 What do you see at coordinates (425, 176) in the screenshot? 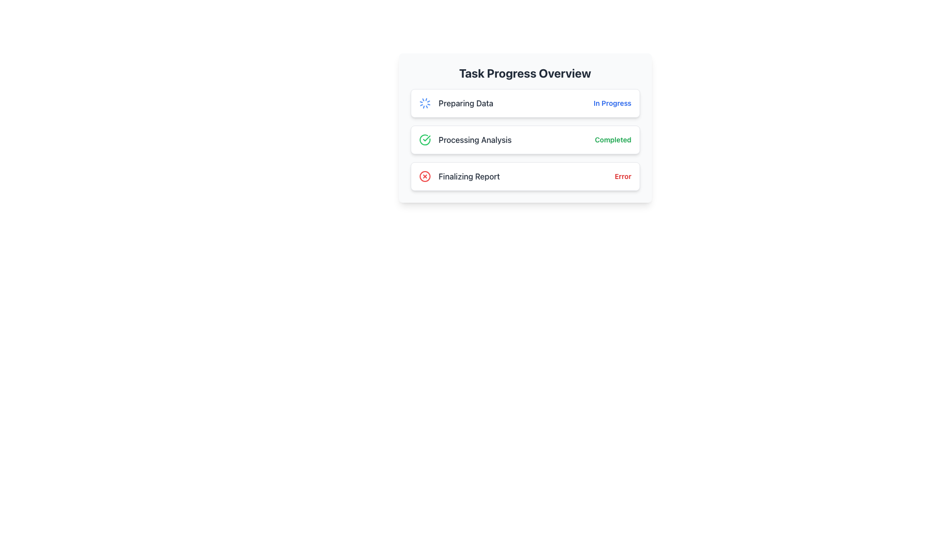
I see `the error indicator icon located at the far left of the 'Finalizing Report' row, which suggests an issue or cancellation of the associated task` at bounding box center [425, 176].